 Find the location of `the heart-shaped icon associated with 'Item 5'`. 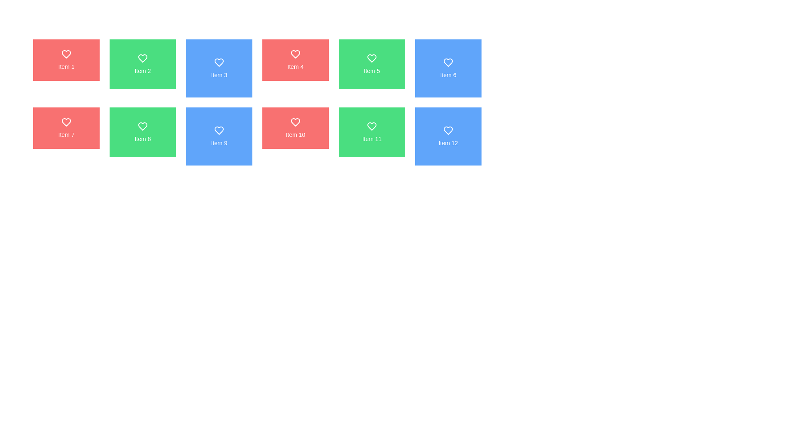

the heart-shaped icon associated with 'Item 5' is located at coordinates (372, 58).